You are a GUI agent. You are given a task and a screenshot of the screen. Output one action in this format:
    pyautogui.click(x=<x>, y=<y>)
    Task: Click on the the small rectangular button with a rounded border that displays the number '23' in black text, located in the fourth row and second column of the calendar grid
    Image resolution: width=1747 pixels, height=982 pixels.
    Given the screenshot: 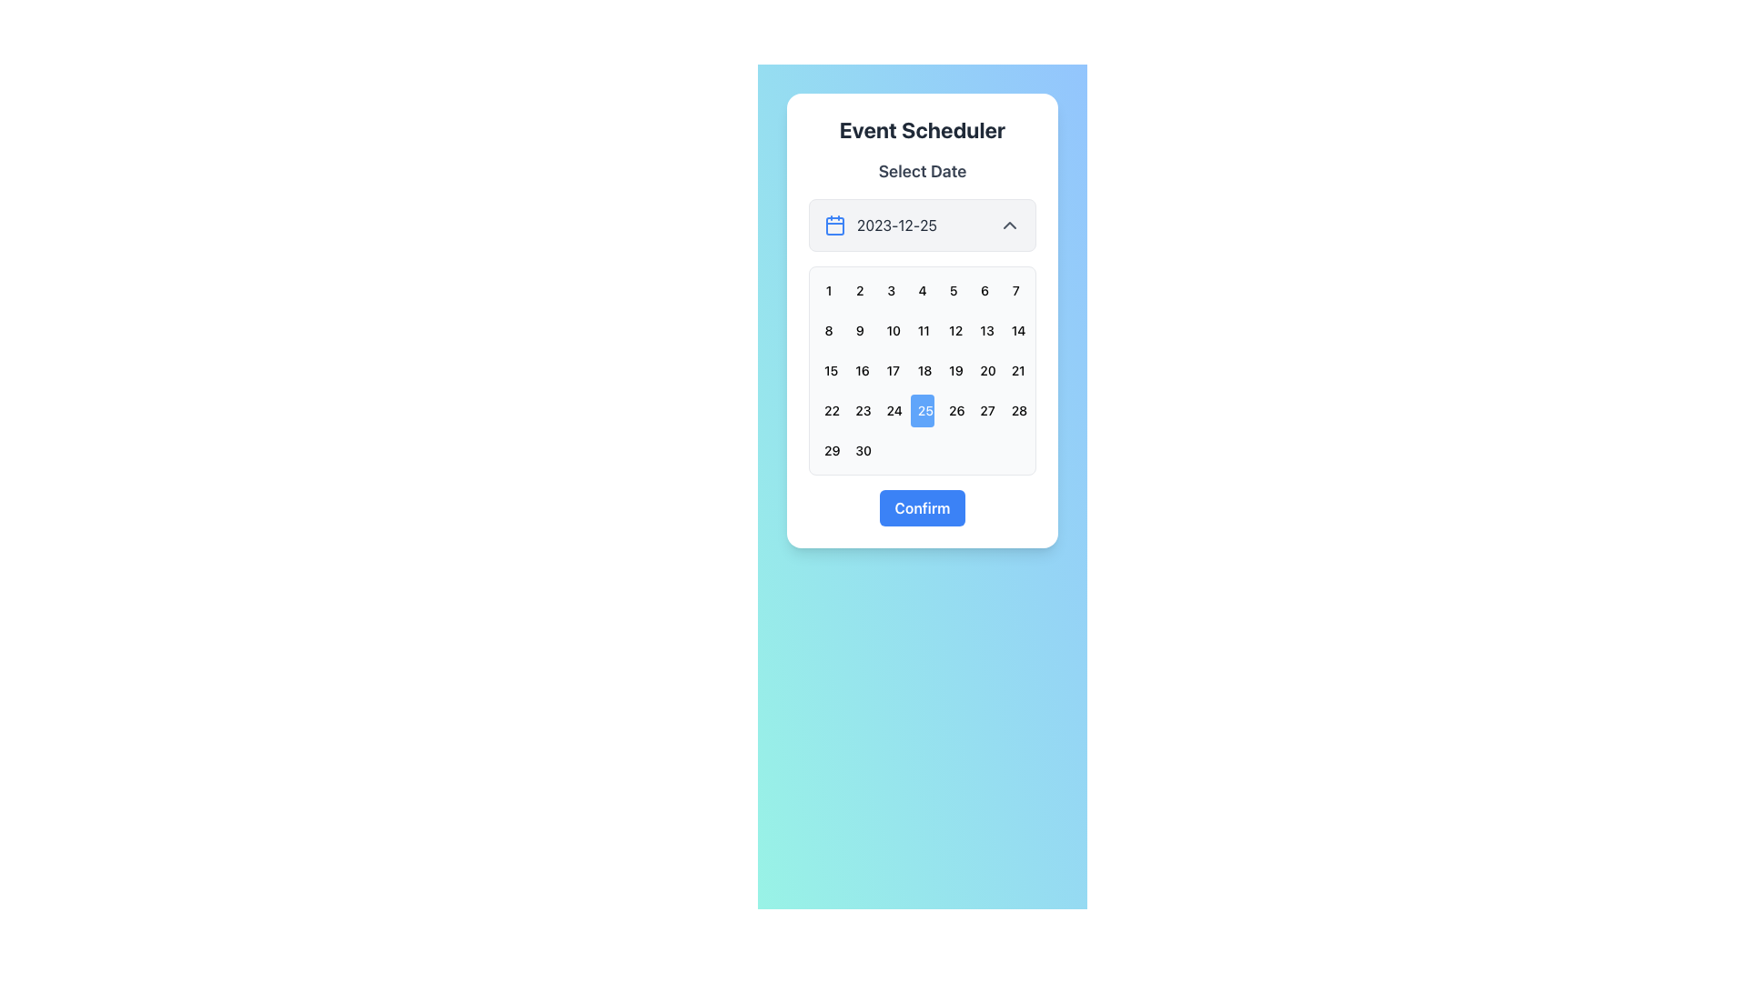 What is the action you would take?
    pyautogui.click(x=859, y=410)
    